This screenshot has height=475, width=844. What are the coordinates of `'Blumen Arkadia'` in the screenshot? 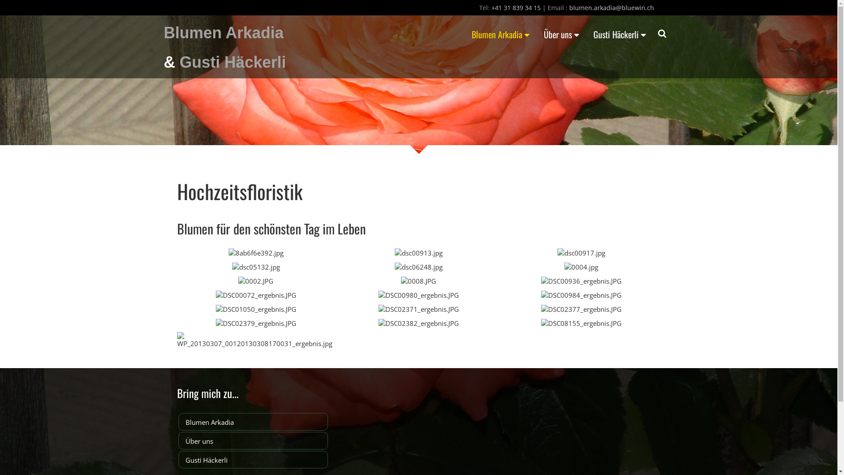 It's located at (253, 421).